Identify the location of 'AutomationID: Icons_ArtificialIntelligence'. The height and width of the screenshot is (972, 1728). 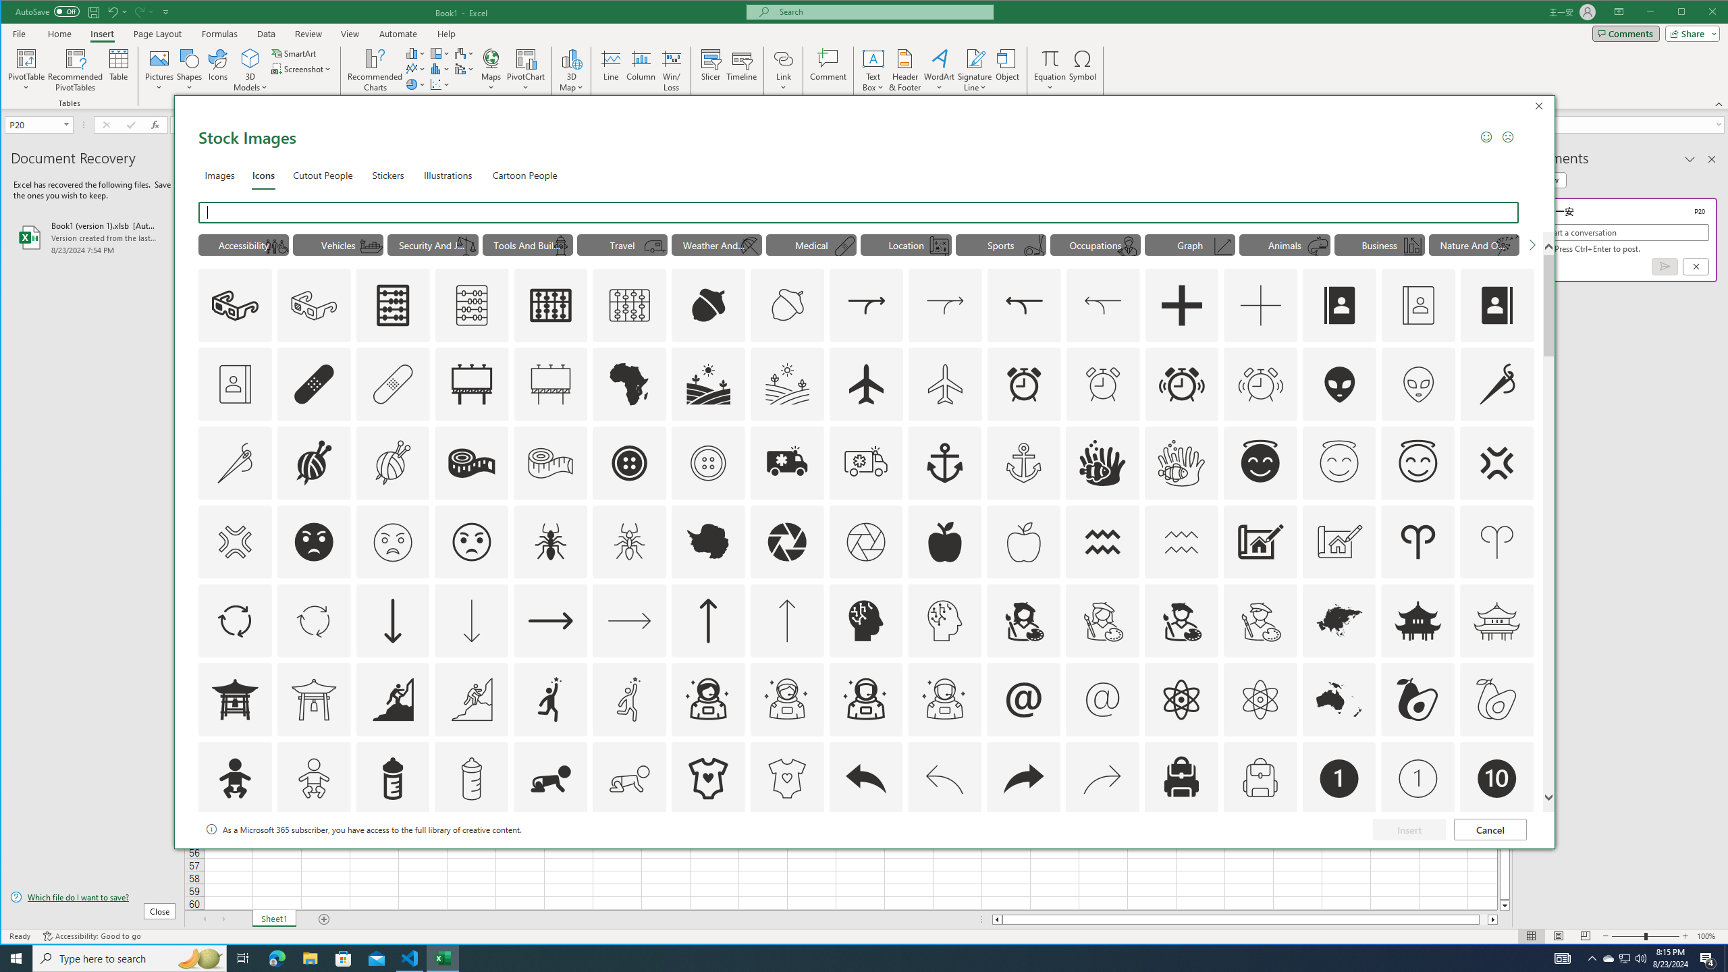
(865, 620).